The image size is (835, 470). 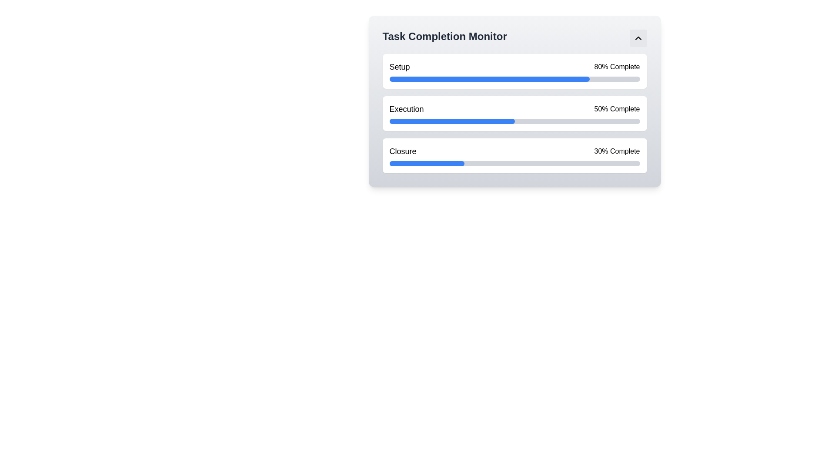 I want to click on the blue-filled progress bar representing 50% completion located under the 'Execution' section of the progress indicators, so click(x=452, y=121).